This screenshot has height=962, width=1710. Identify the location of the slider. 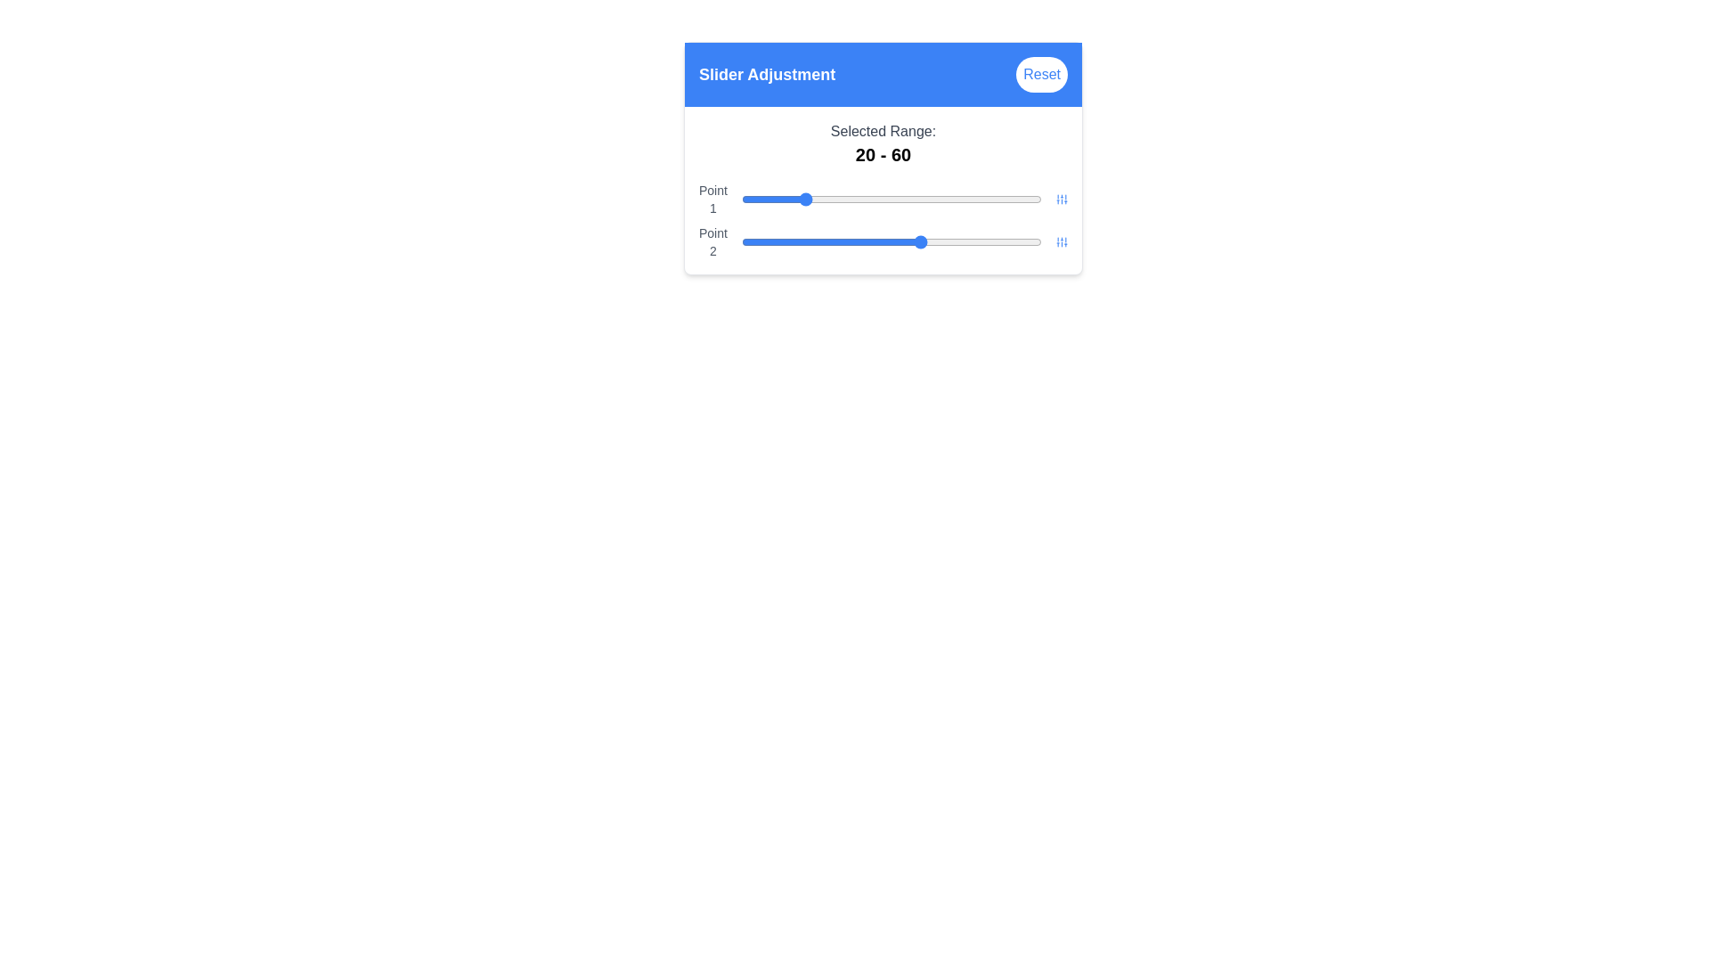
(810, 242).